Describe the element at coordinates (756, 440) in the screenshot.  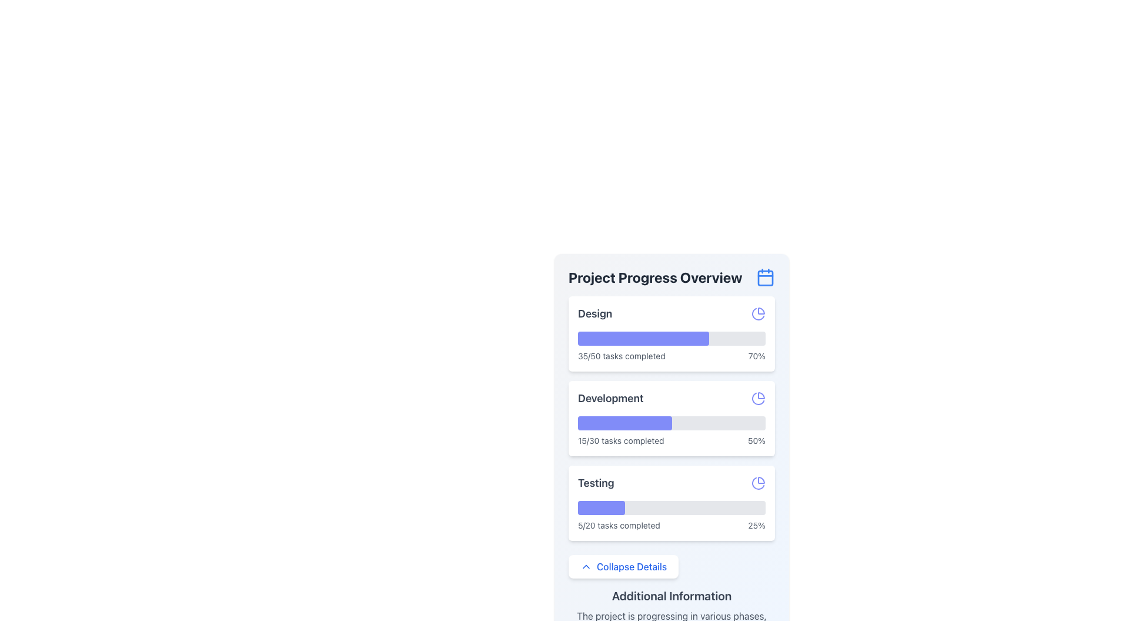
I see `the static text displaying '50%' which indicates progress in the 'Development' section of the 'Project Progress Overview' card` at that location.